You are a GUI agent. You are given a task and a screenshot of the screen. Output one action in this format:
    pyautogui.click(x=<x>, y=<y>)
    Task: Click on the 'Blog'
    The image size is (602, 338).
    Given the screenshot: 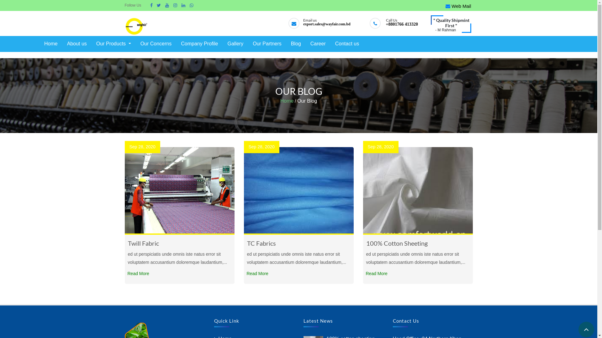 What is the action you would take?
    pyautogui.click(x=296, y=44)
    